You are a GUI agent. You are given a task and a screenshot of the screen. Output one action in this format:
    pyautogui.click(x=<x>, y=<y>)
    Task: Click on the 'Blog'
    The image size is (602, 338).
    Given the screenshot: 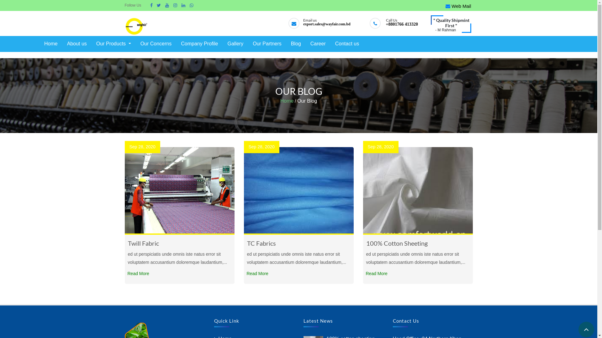 What is the action you would take?
    pyautogui.click(x=296, y=44)
    